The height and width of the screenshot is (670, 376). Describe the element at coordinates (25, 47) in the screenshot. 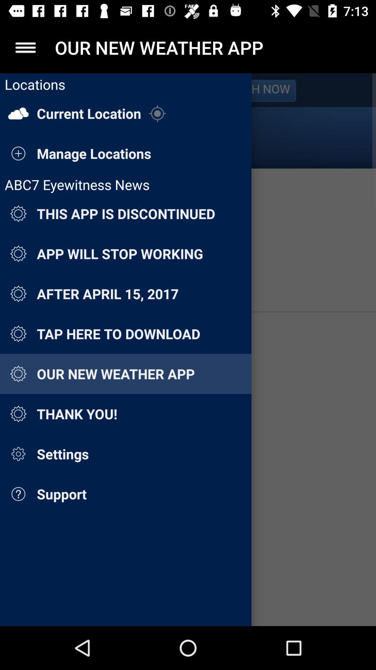

I see `menu toggle` at that location.